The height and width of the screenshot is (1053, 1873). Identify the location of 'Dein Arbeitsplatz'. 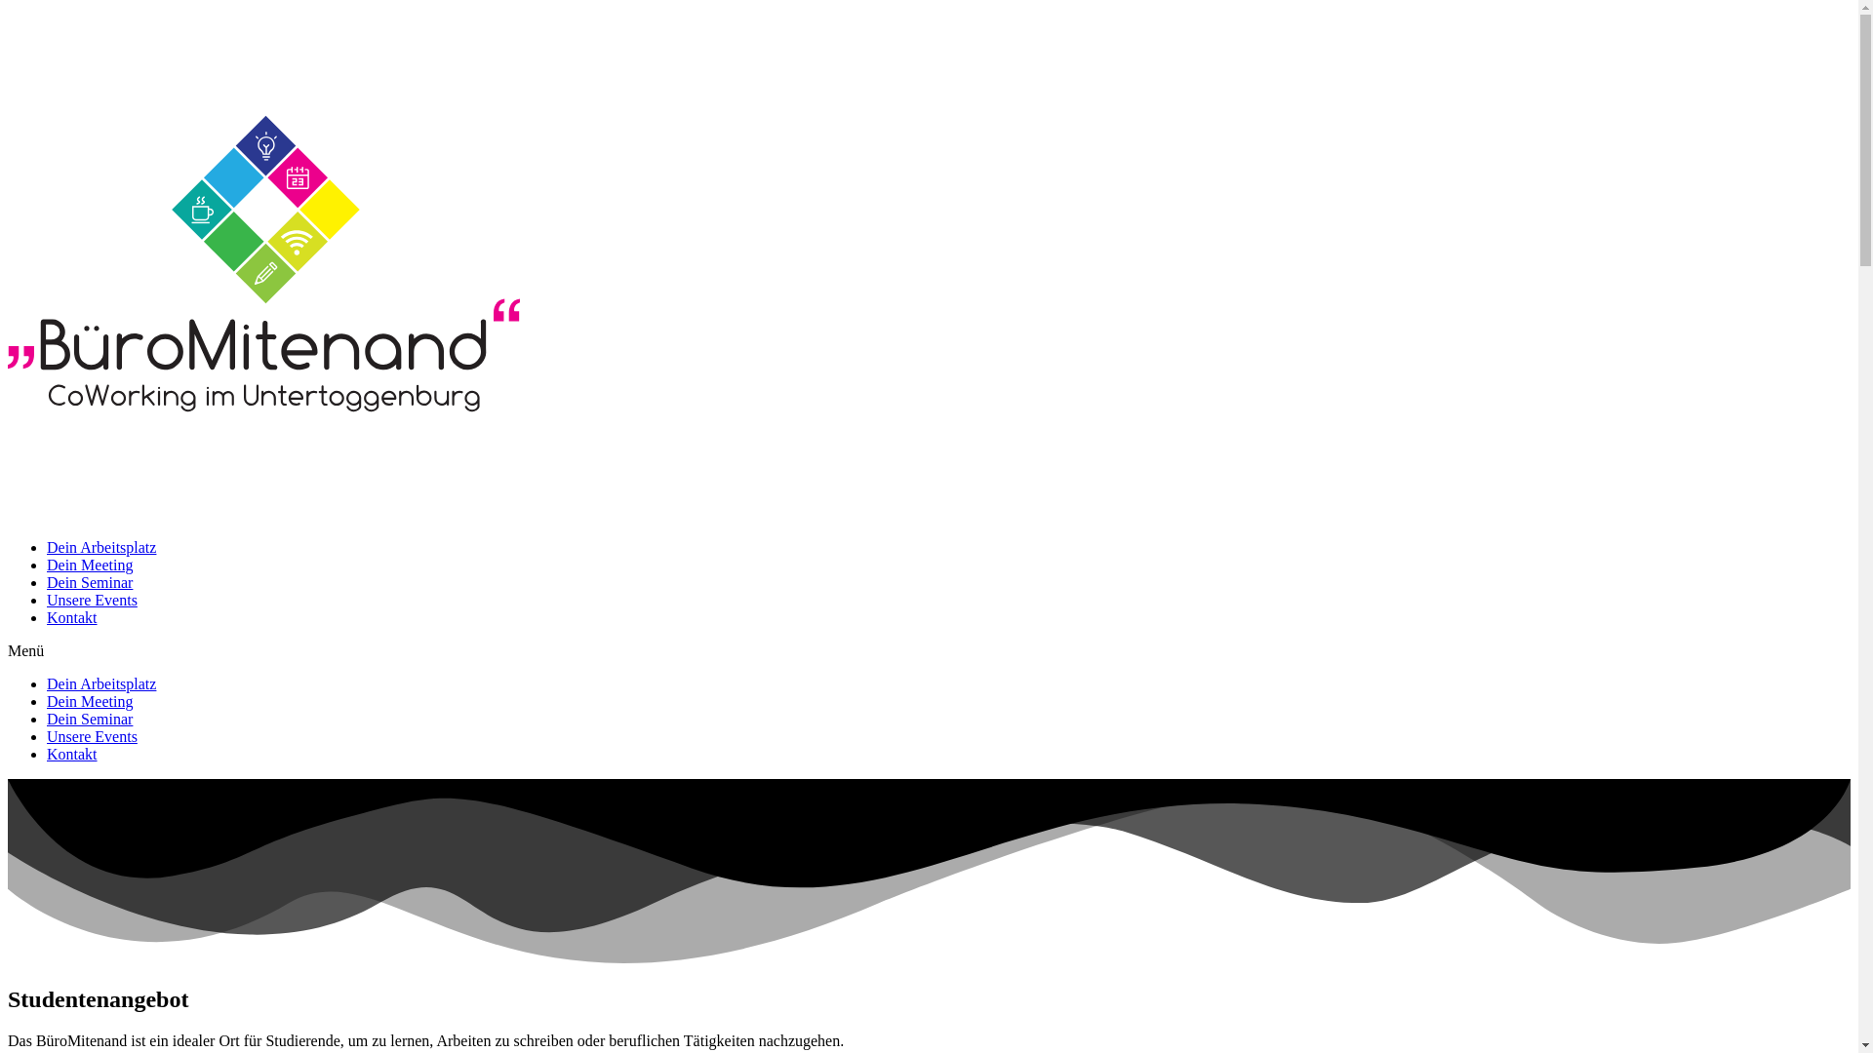
(47, 682).